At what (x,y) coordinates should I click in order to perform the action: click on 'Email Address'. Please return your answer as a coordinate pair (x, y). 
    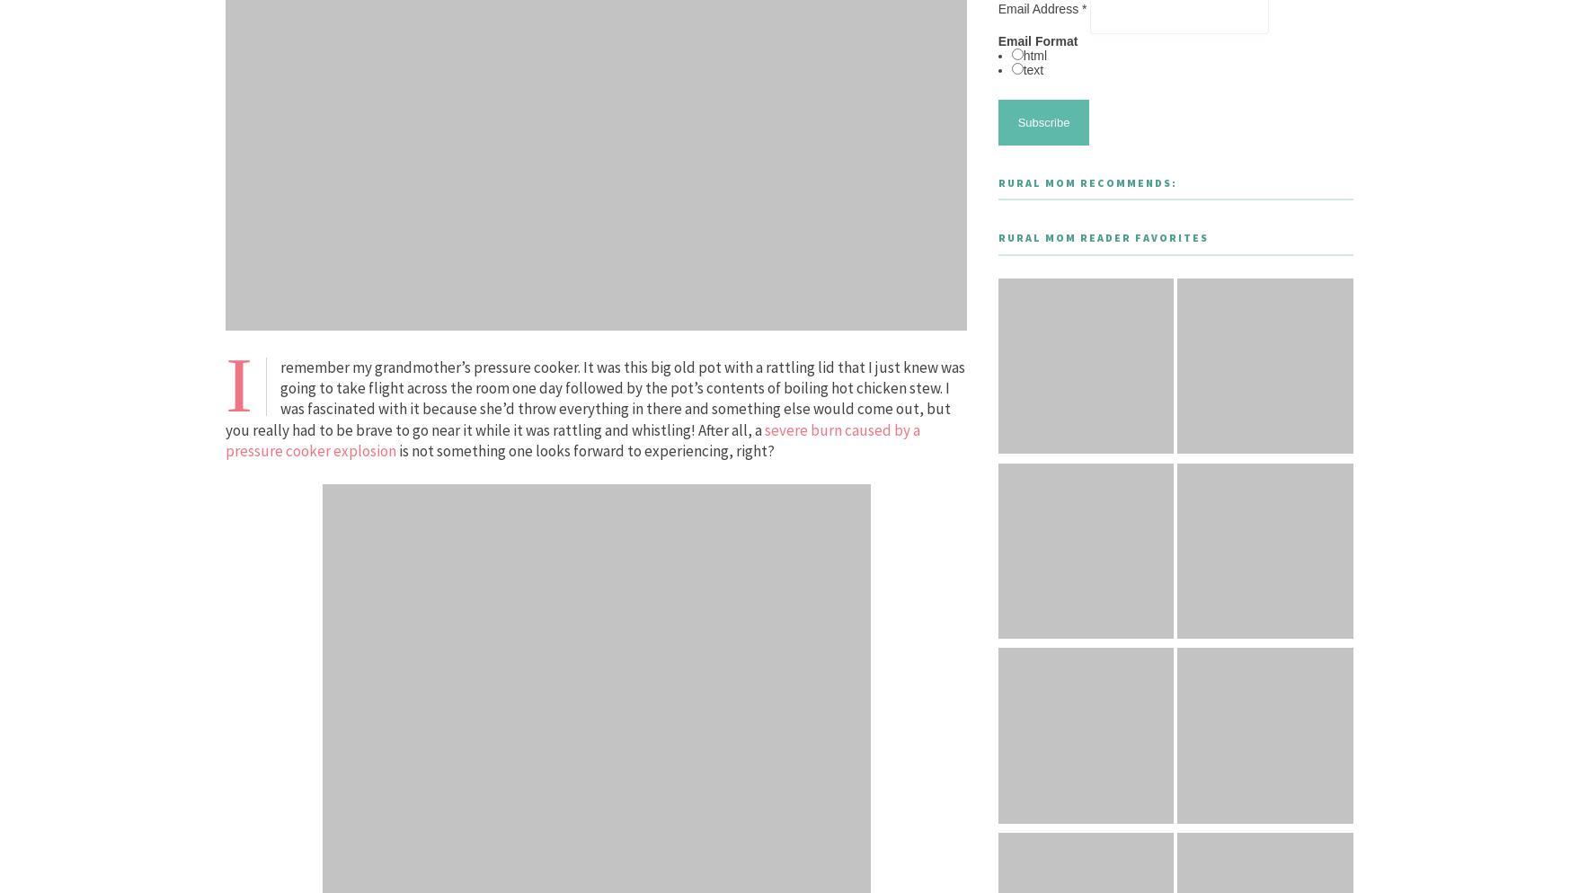
    Looking at the image, I should click on (1038, 9).